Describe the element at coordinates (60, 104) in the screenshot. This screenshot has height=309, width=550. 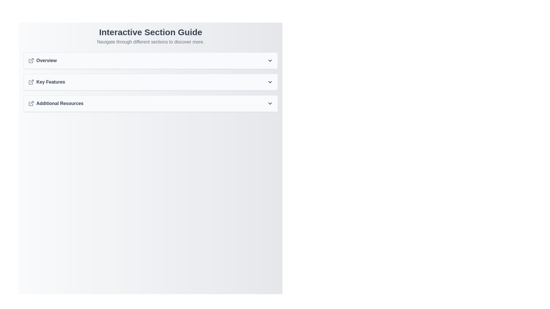
I see `the text label that serves as a title for a clickable section, positioned as the third item in a vertical list below 'Key Features'` at that location.